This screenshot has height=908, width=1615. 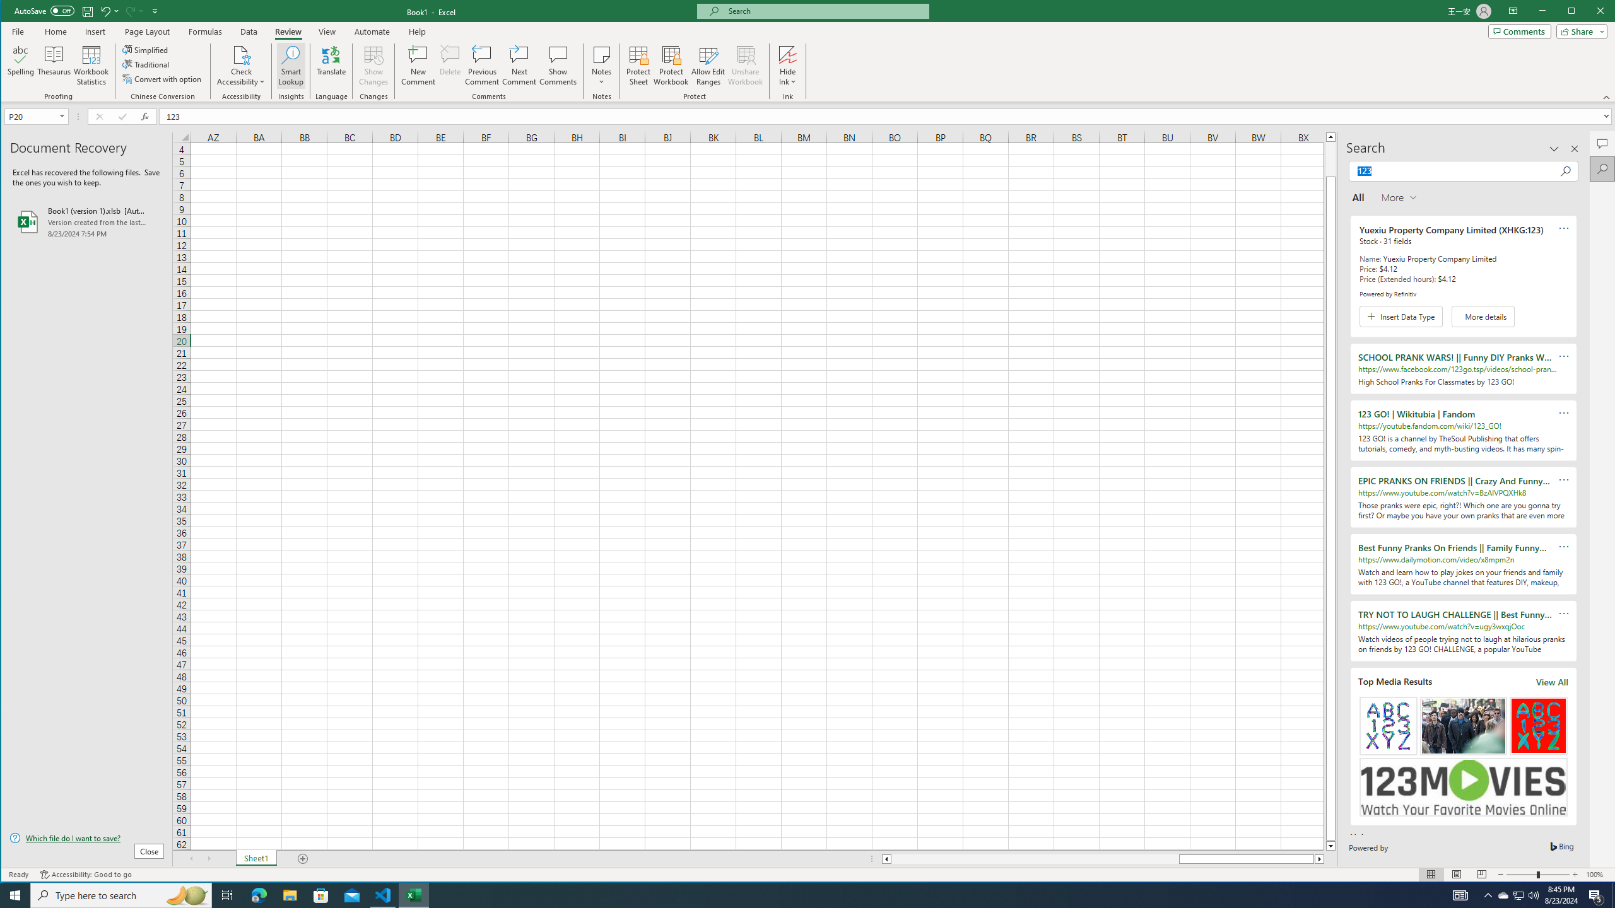 What do you see at coordinates (707, 65) in the screenshot?
I see `'Allow Edit Ranges'` at bounding box center [707, 65].